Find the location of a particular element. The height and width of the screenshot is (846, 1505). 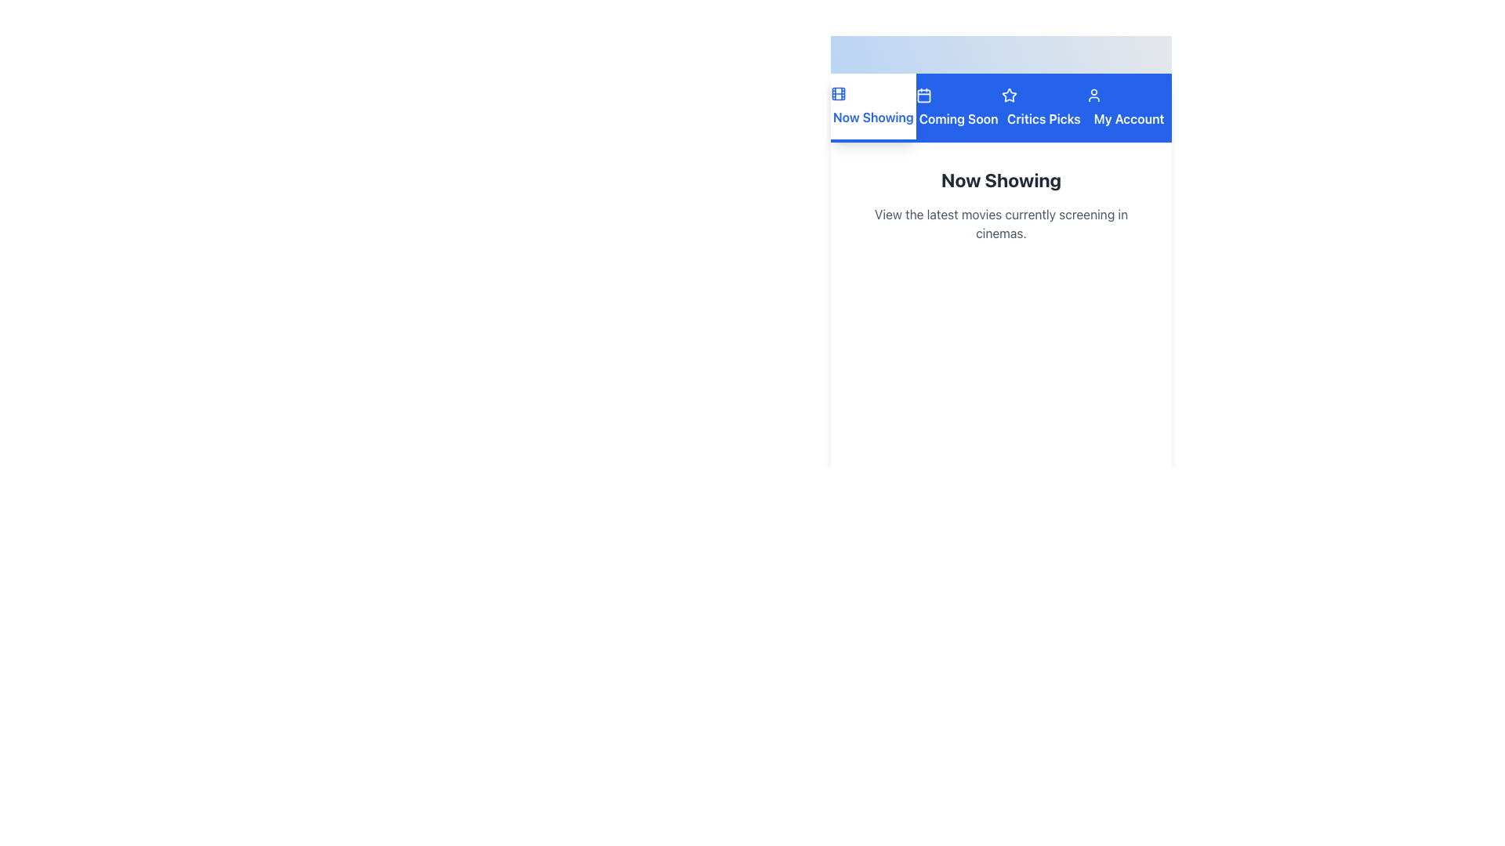

the 'Critics Picks' button to interact with the associated icon for ratings or selections in the navigation bar is located at coordinates (1009, 96).